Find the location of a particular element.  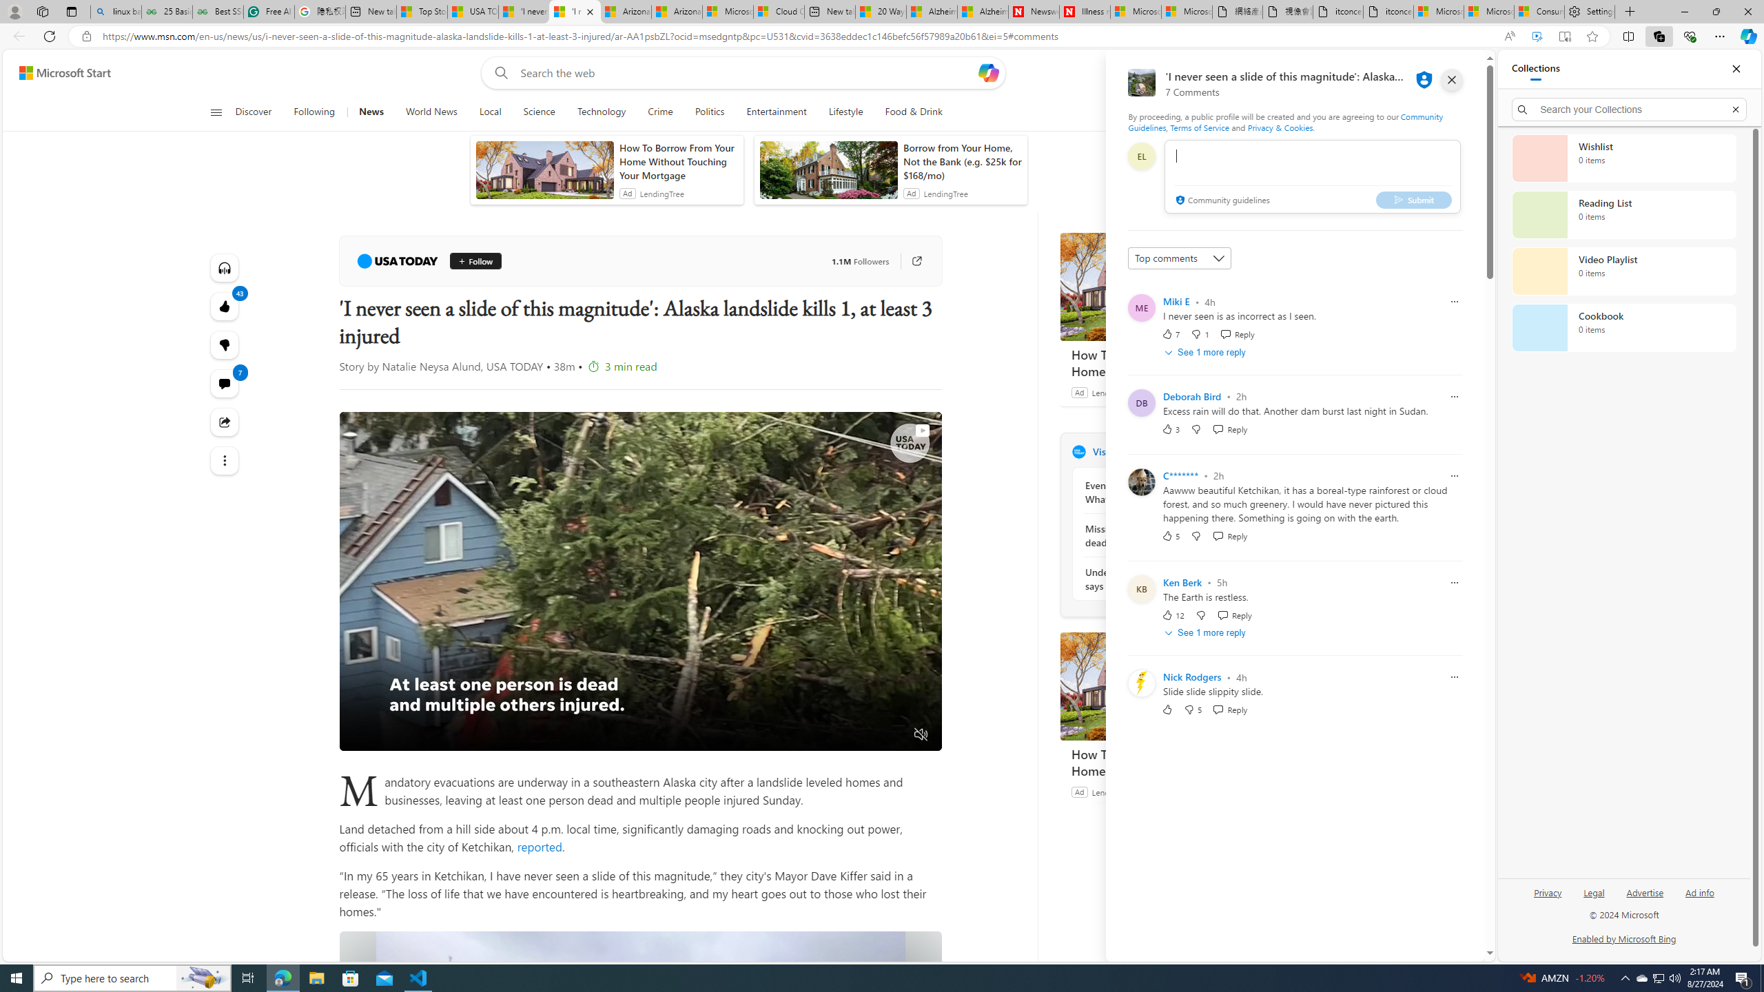

'20 Ways to Boost Your Protein Intake at Every Meal' is located at coordinates (880, 11).